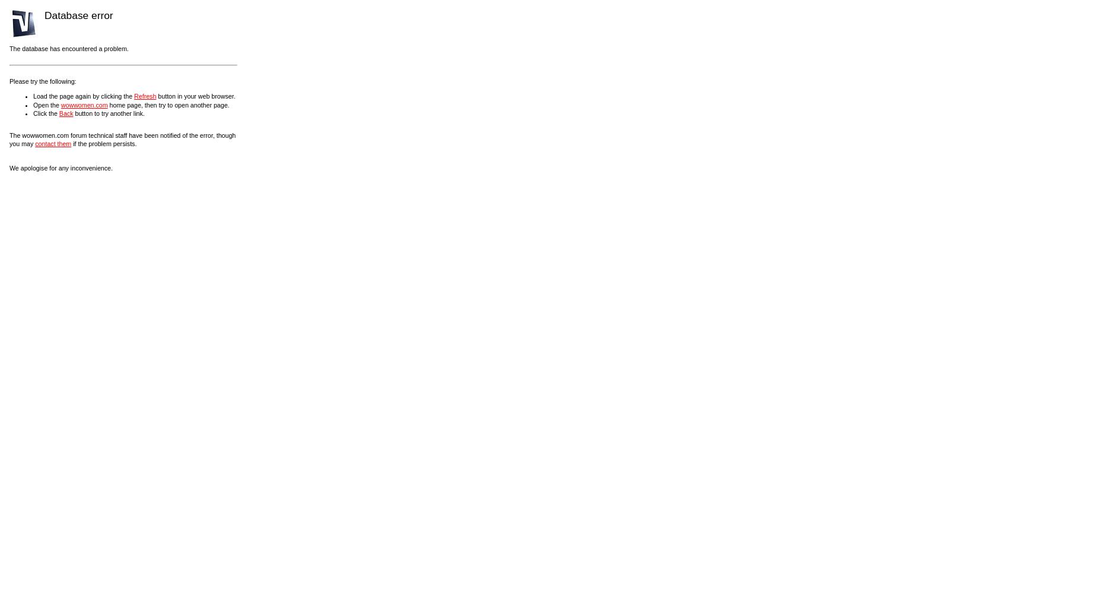 The width and height of the screenshot is (1098, 594). What do you see at coordinates (42, 81) in the screenshot?
I see `'Please try the following:'` at bounding box center [42, 81].